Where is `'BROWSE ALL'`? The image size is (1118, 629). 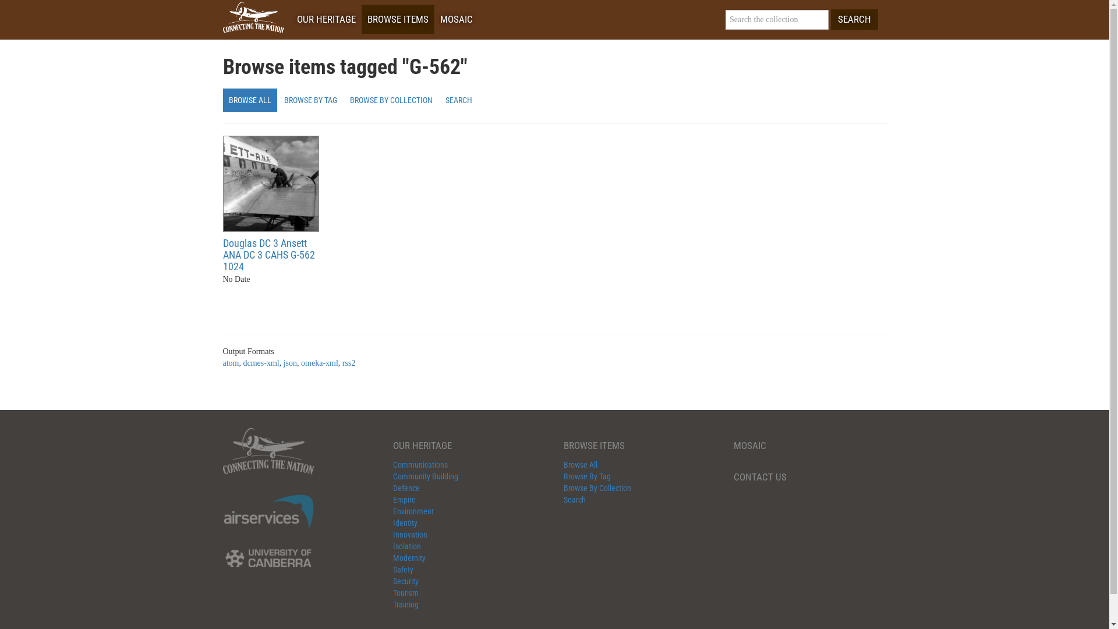
'BROWSE ALL' is located at coordinates (249, 100).